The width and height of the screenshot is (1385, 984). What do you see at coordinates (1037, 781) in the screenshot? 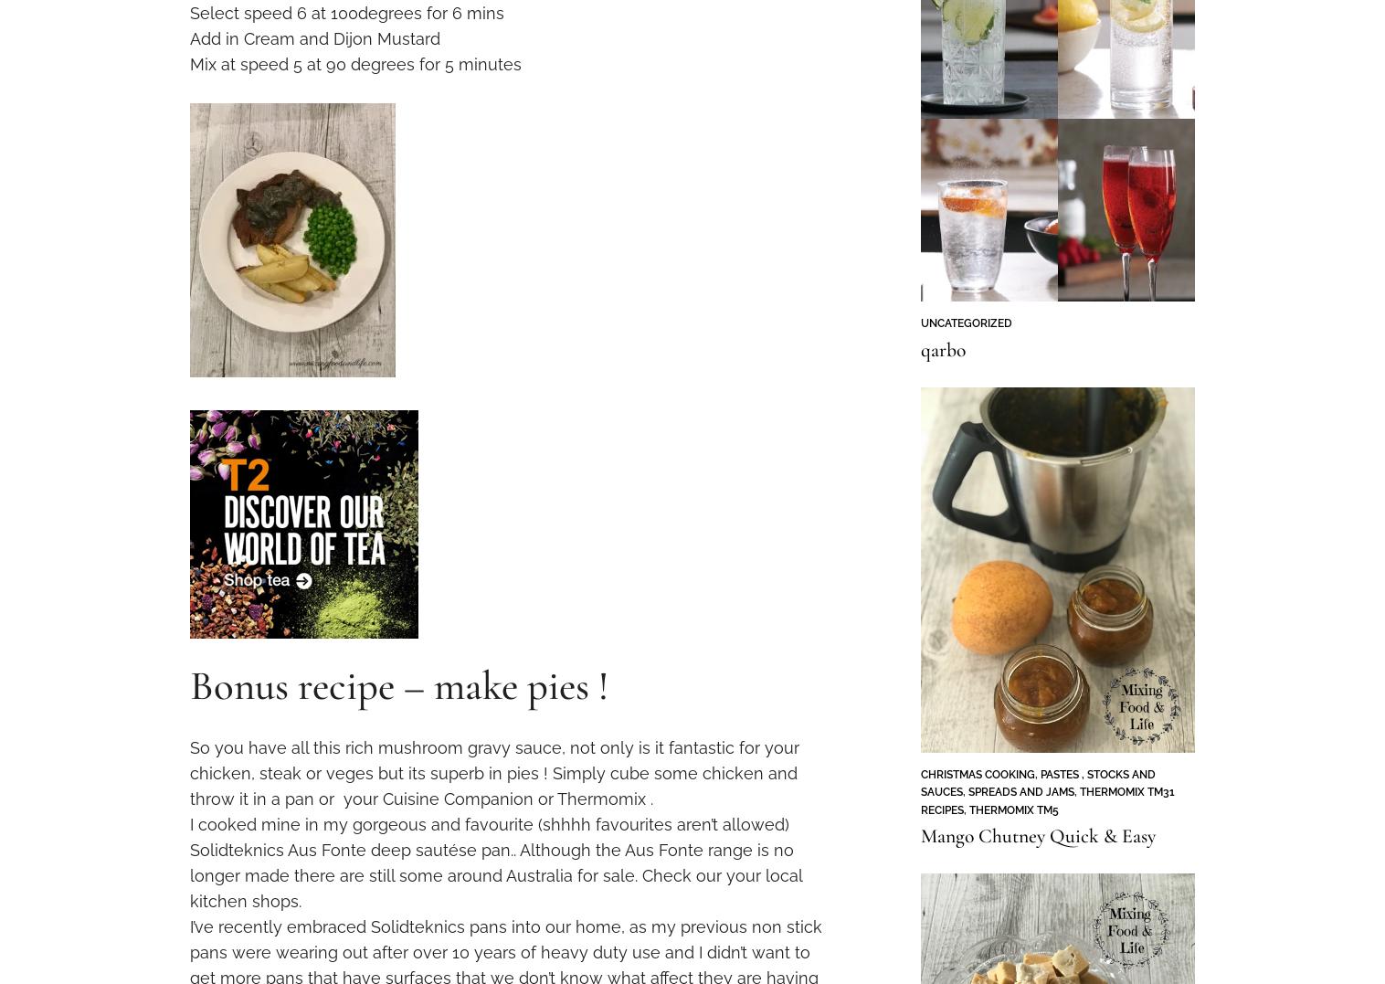
I see `'Pastes , Stocks and Sauces'` at bounding box center [1037, 781].